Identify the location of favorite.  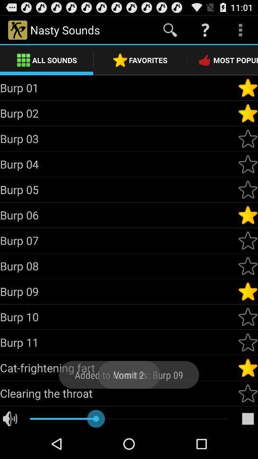
(247, 240).